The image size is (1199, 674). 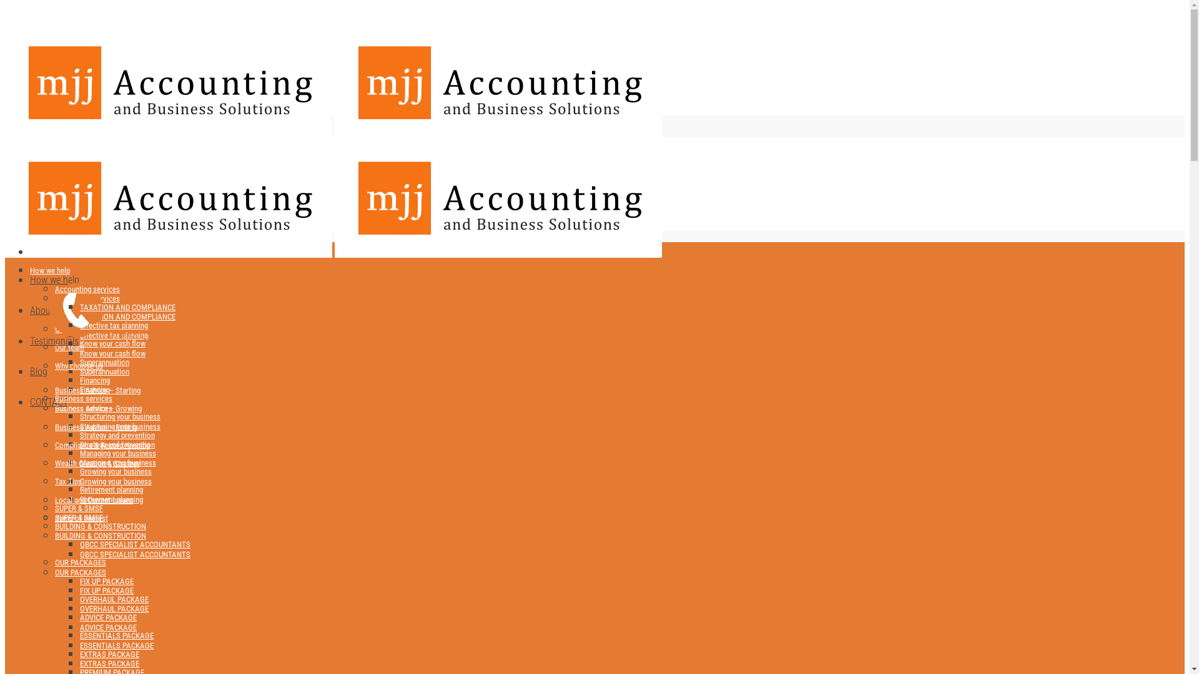 What do you see at coordinates (26, 303) in the screenshot?
I see `'REQUEST` at bounding box center [26, 303].